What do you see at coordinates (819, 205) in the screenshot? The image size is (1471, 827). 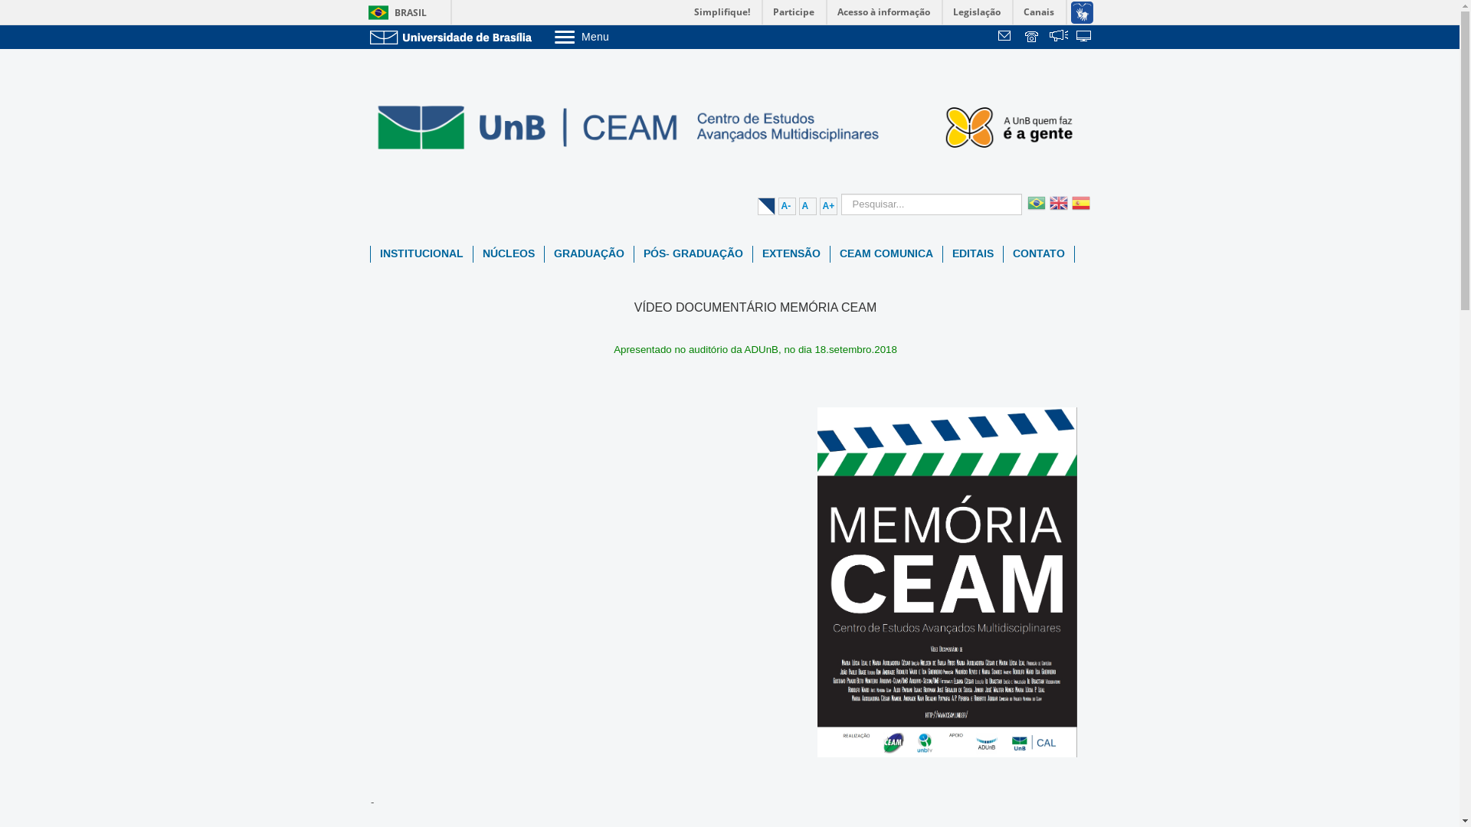 I see `'A+'` at bounding box center [819, 205].